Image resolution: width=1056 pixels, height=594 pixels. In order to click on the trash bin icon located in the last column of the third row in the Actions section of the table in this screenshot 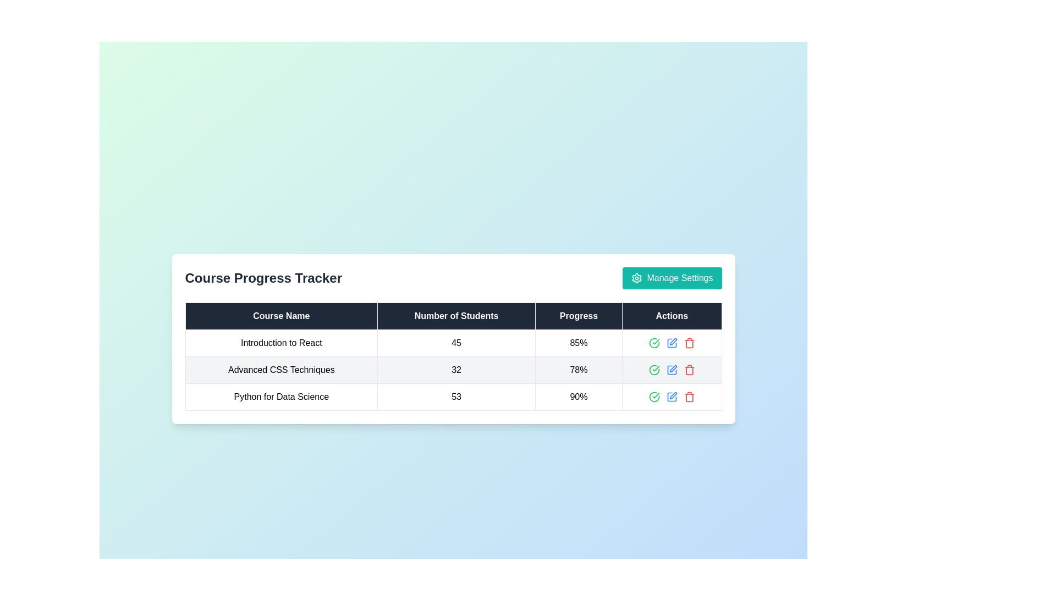, I will do `click(689, 398)`.